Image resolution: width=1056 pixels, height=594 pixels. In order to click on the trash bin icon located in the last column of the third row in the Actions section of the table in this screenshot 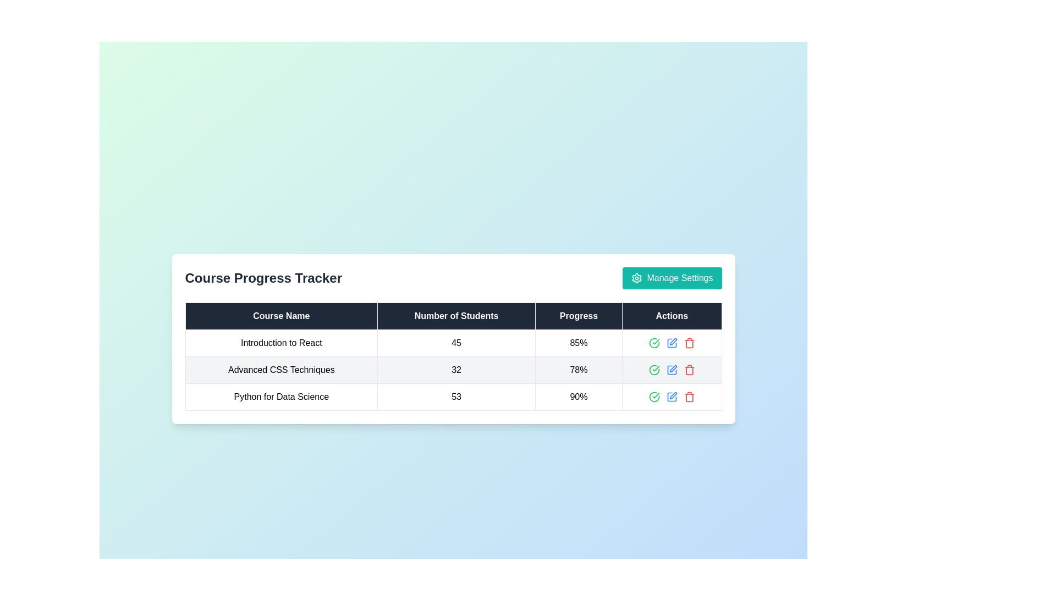, I will do `click(689, 398)`.